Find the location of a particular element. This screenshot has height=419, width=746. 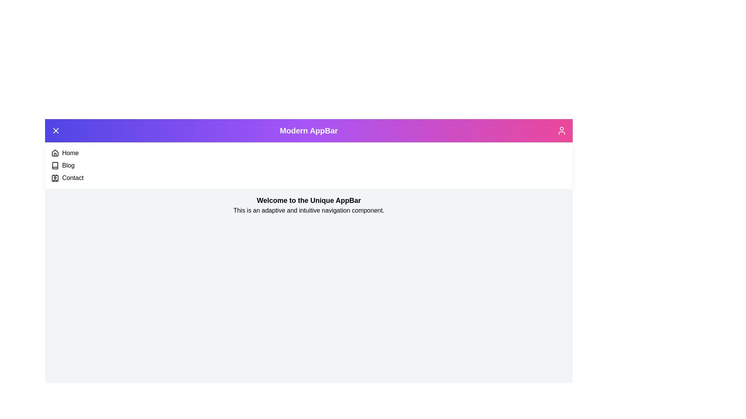

toggle button located at the top-left corner of the app bar to toggle the menu visibility is located at coordinates (56, 130).